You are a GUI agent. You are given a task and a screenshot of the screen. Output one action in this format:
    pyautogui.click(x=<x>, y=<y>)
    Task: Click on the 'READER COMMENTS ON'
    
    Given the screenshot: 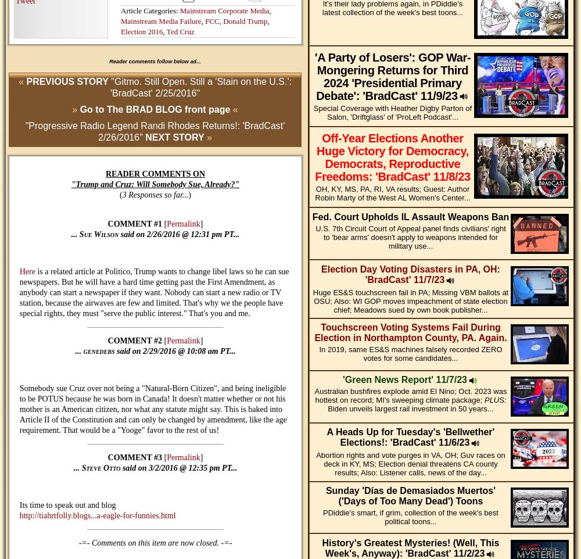 What is the action you would take?
    pyautogui.click(x=105, y=173)
    